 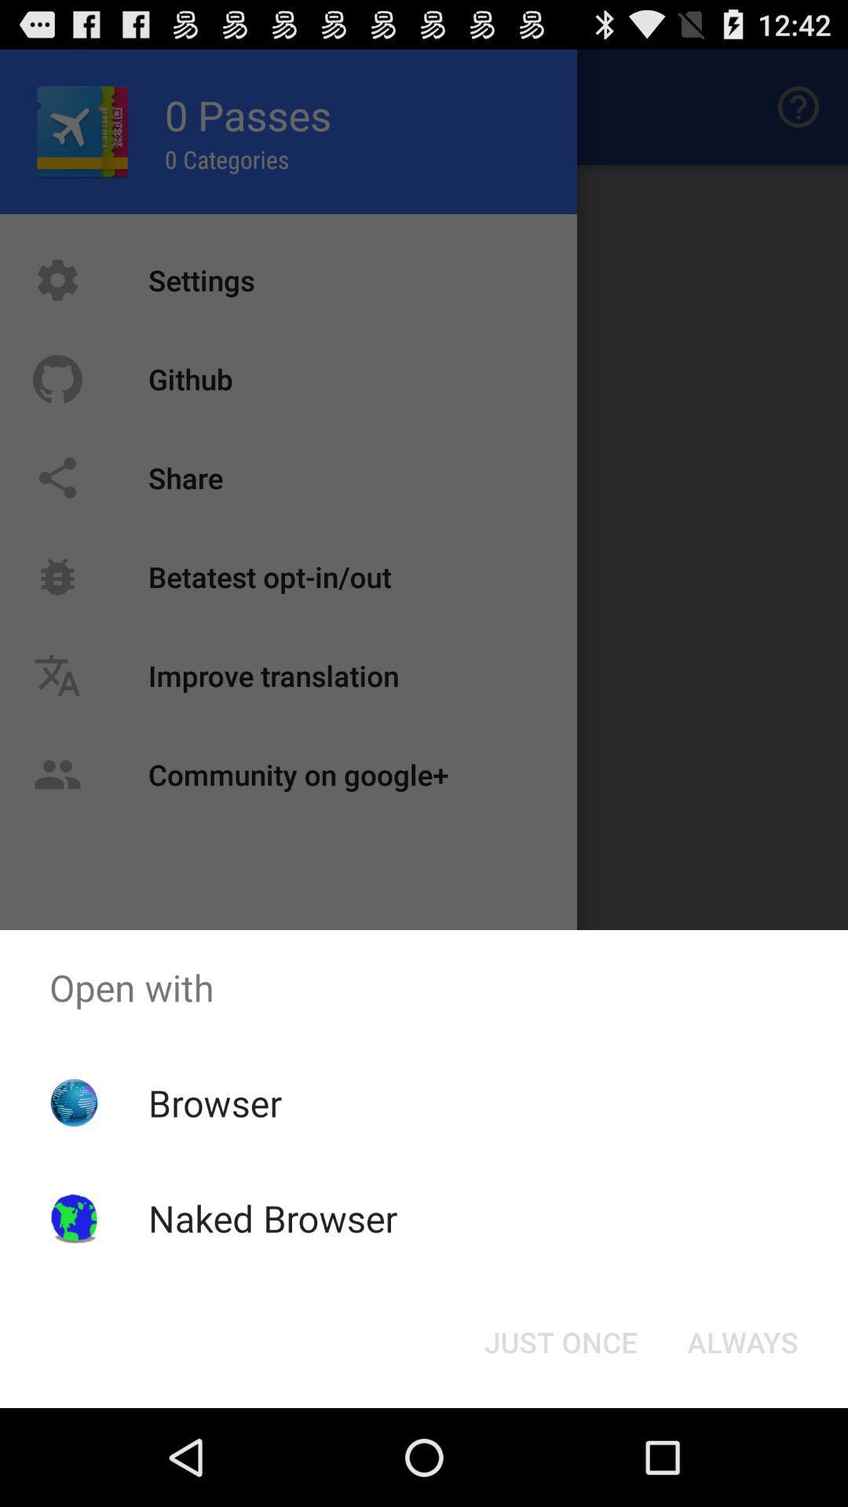 I want to click on the icon to the left of always icon, so click(x=560, y=1341).